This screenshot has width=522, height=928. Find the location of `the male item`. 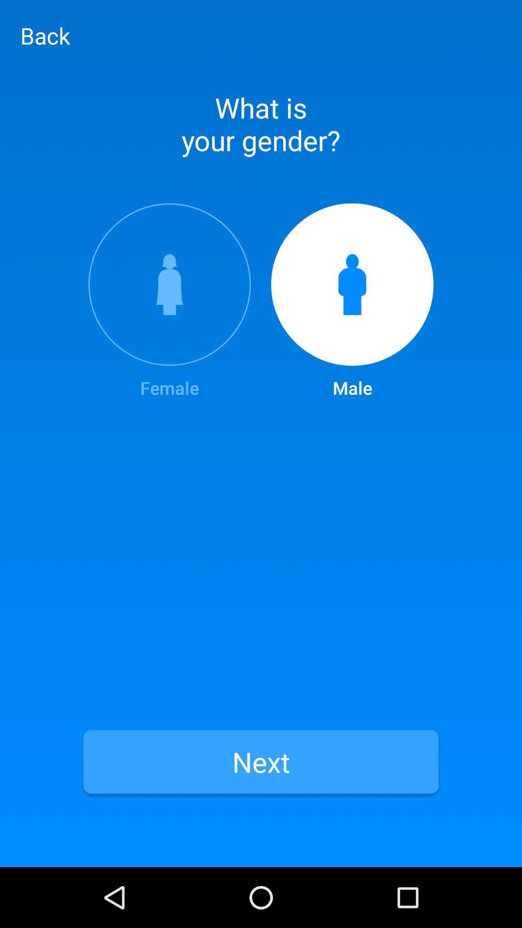

the male item is located at coordinates (352, 301).